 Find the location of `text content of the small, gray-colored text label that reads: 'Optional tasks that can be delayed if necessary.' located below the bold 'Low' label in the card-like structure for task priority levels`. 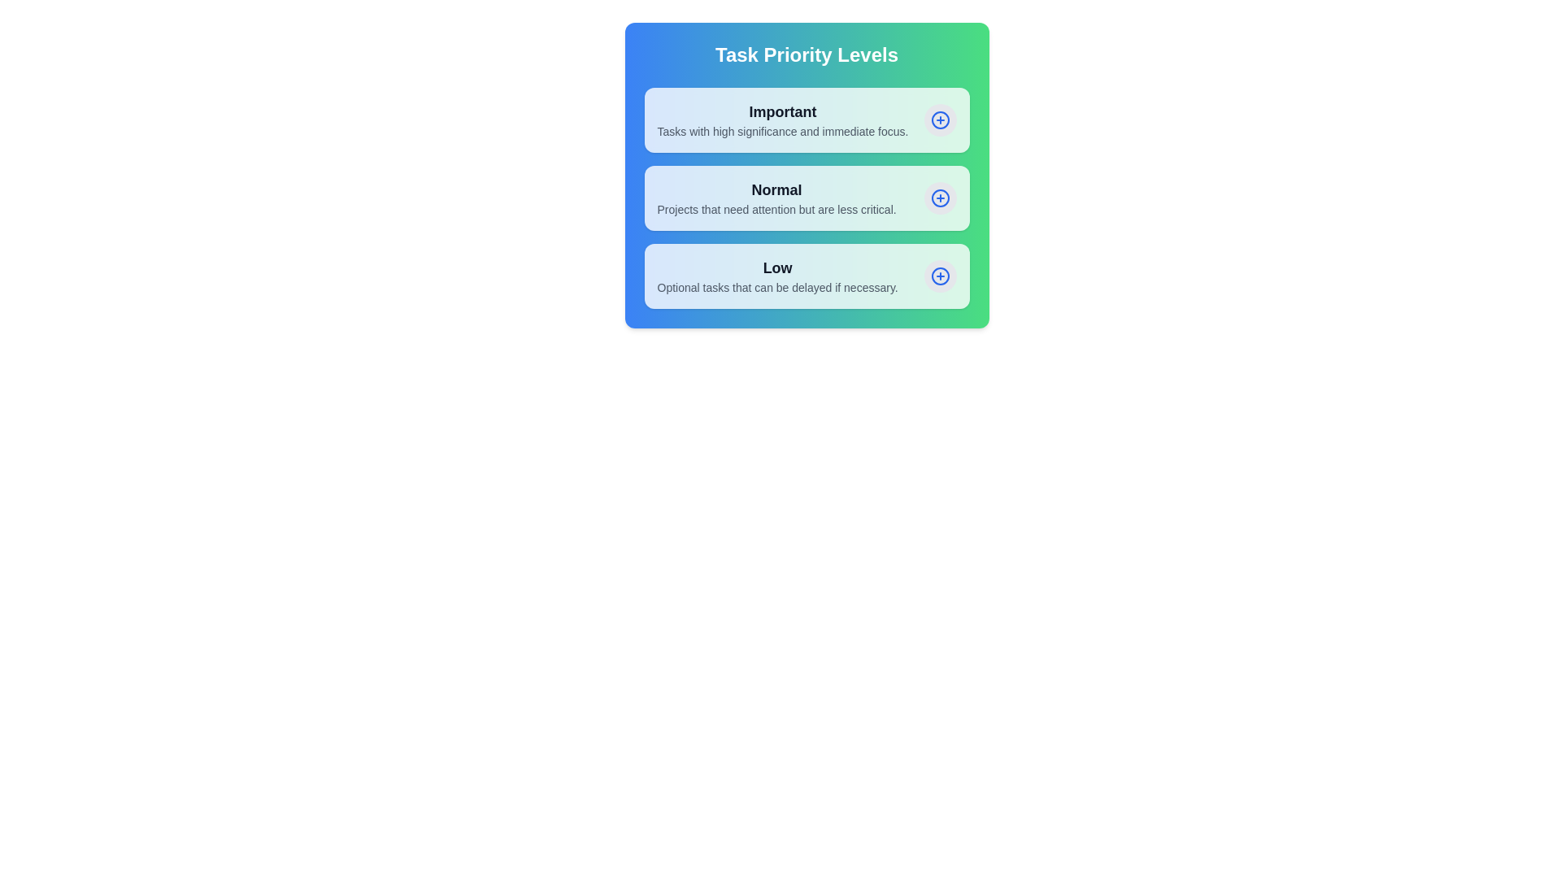

text content of the small, gray-colored text label that reads: 'Optional tasks that can be delayed if necessary.' located below the bold 'Low' label in the card-like structure for task priority levels is located at coordinates (776, 287).